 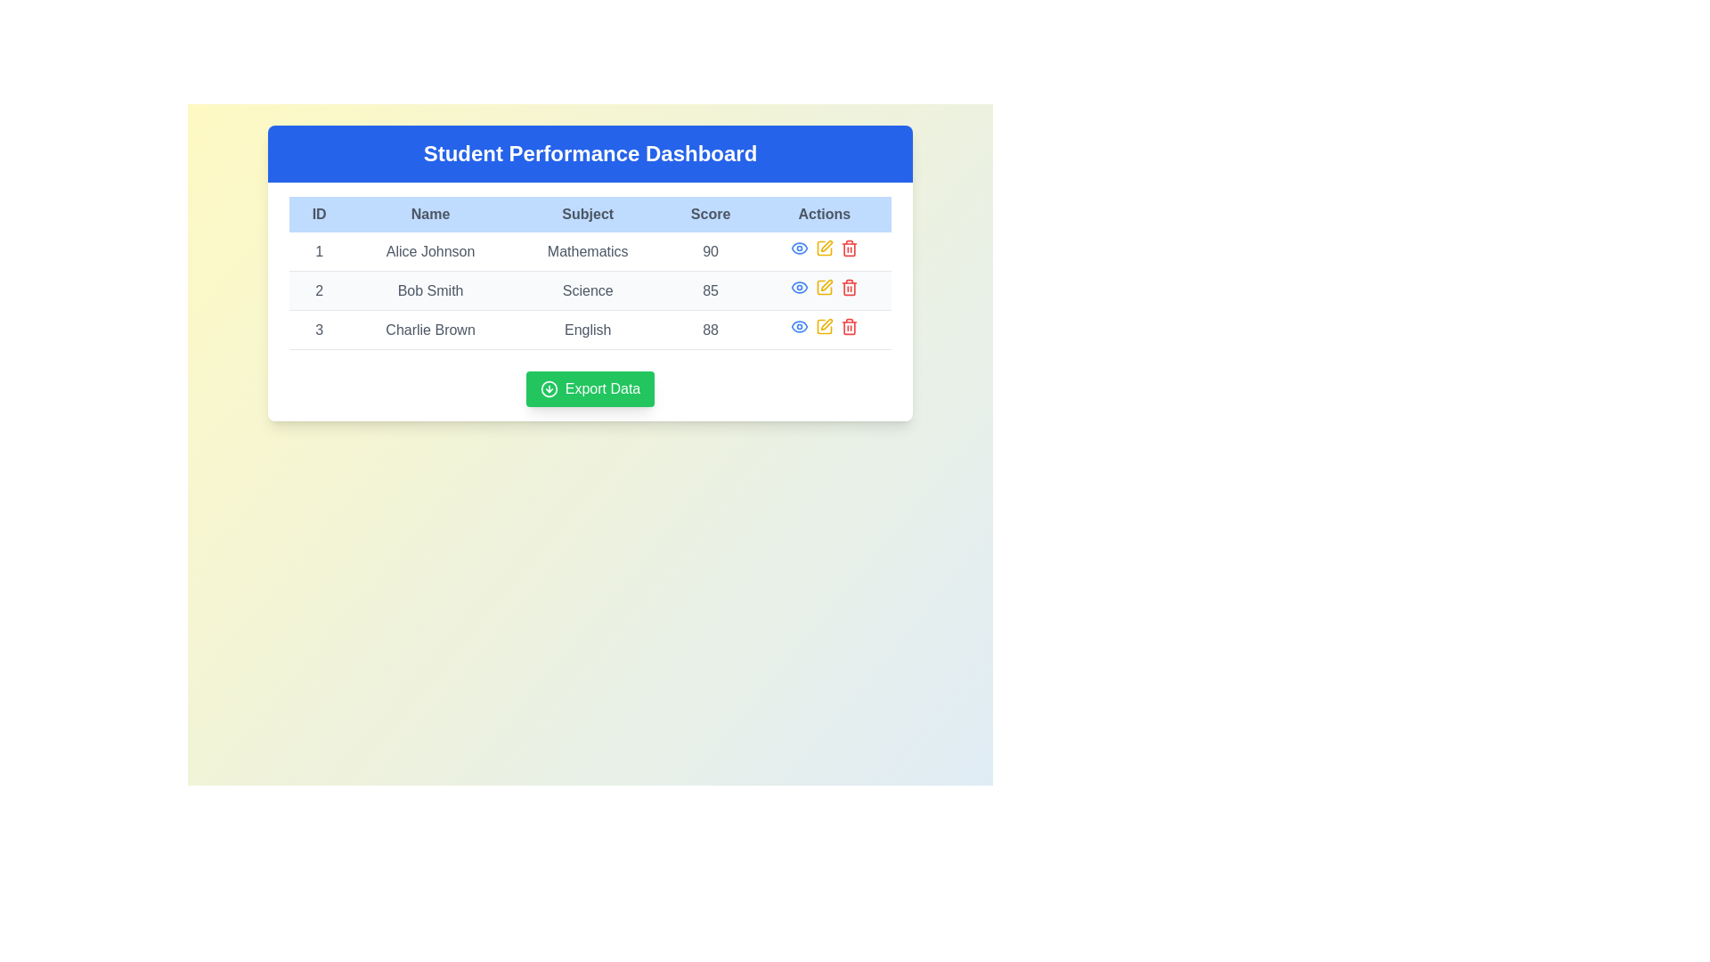 I want to click on the text label with a light blue background and bold black text that displays 'Actions', located in the top-right corner of the header bar, so click(x=823, y=213).